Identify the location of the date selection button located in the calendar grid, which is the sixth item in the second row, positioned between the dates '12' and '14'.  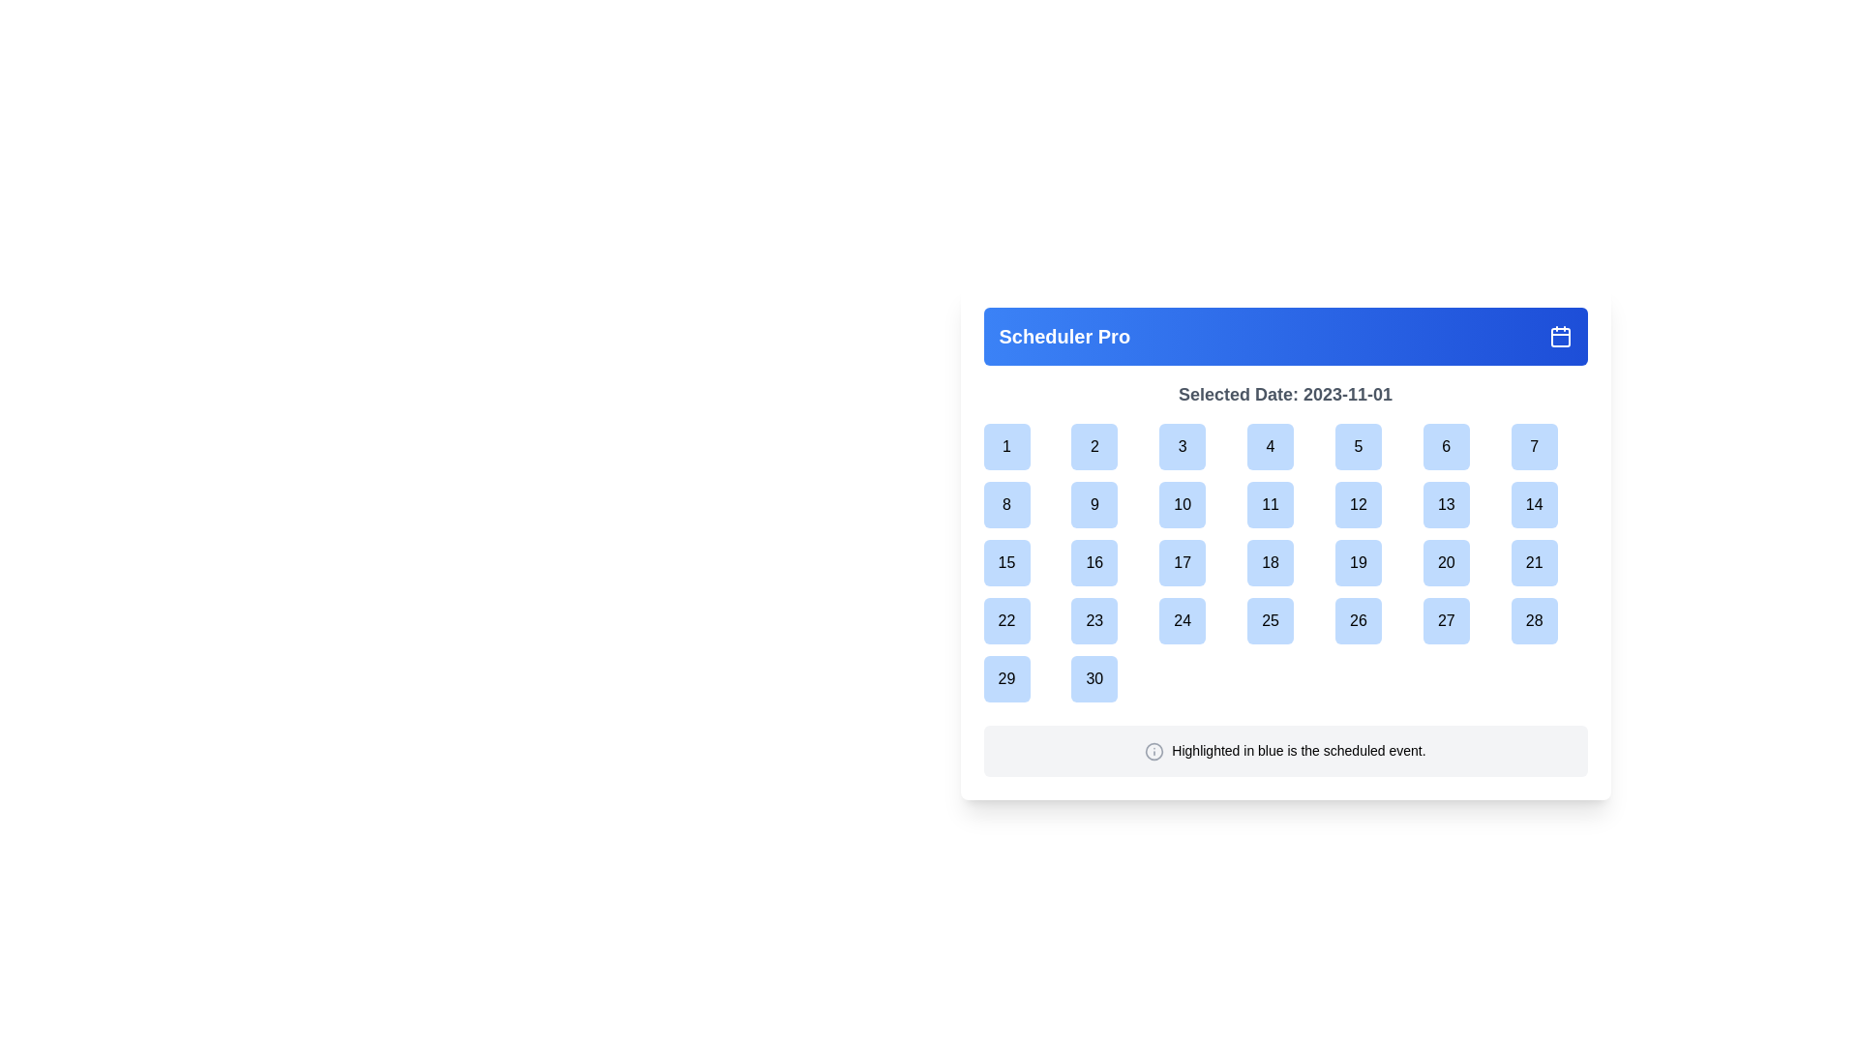
(1461, 503).